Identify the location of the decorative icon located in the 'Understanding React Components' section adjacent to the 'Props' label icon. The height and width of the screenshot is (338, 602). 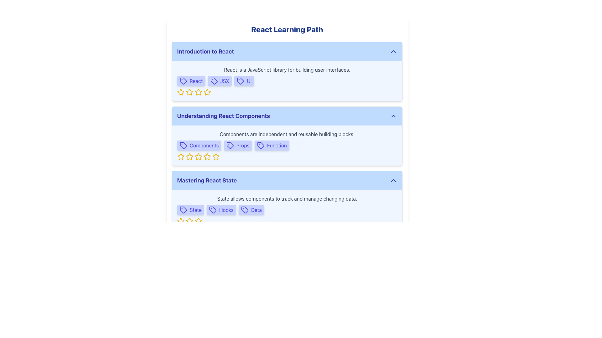
(230, 146).